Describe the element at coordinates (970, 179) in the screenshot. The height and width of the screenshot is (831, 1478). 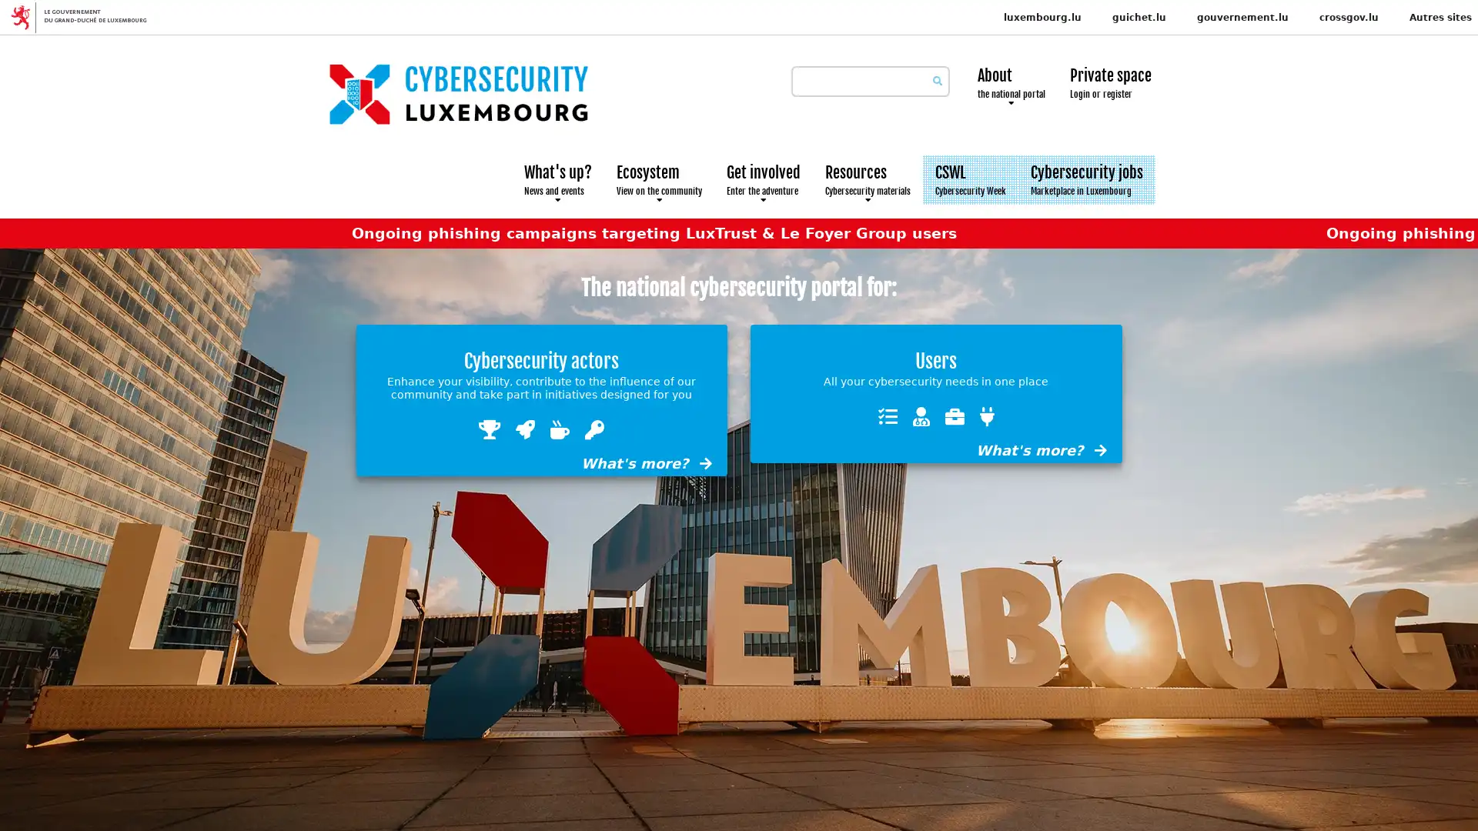
I see `CSWL Cybersecurity Week` at that location.